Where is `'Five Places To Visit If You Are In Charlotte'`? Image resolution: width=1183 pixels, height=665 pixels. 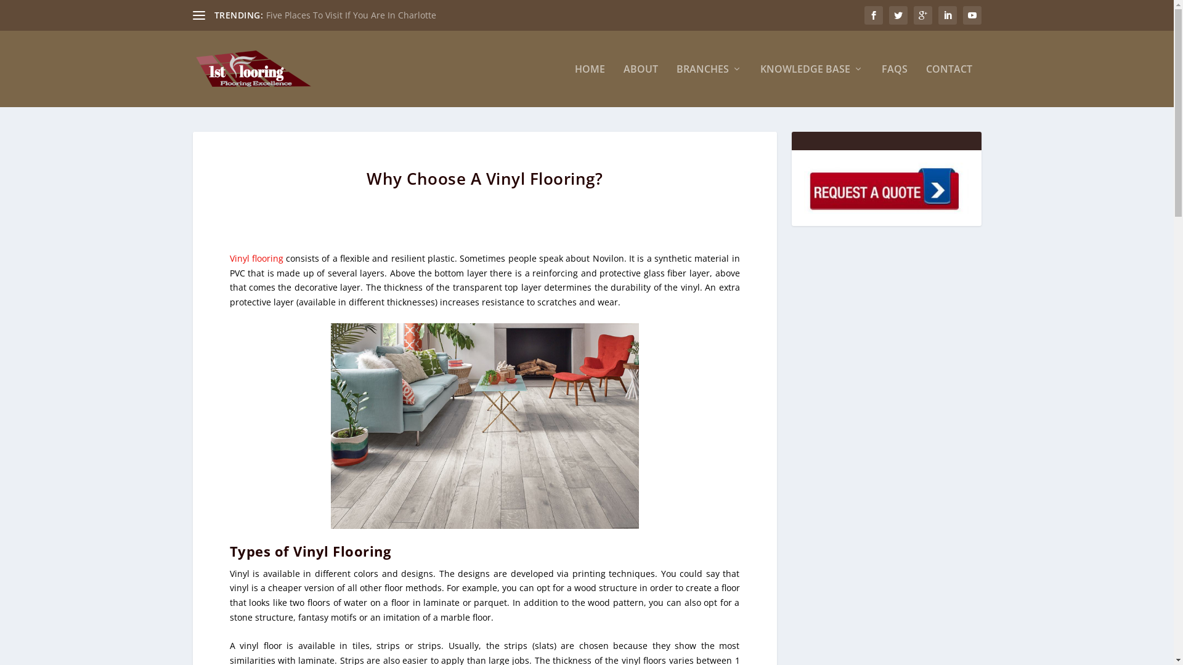 'Five Places To Visit If You Are In Charlotte' is located at coordinates (351, 15).